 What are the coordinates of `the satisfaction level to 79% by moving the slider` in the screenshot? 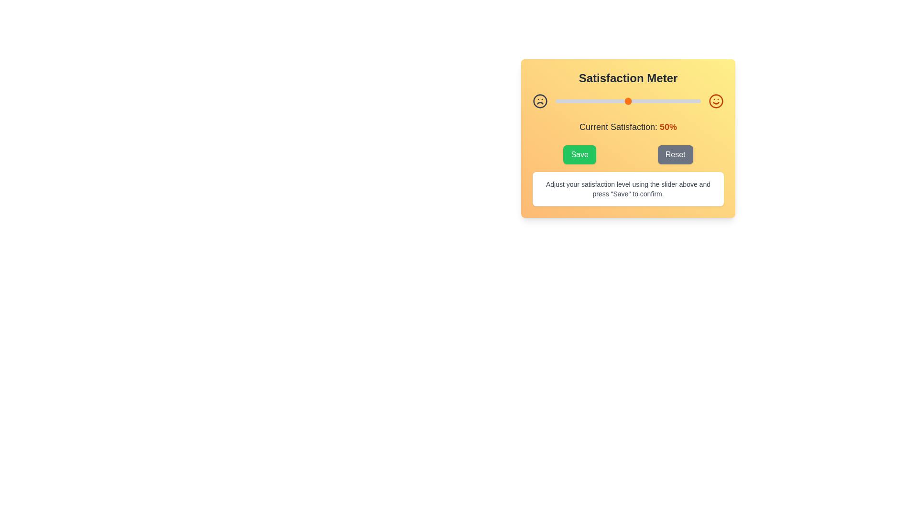 It's located at (670, 101).